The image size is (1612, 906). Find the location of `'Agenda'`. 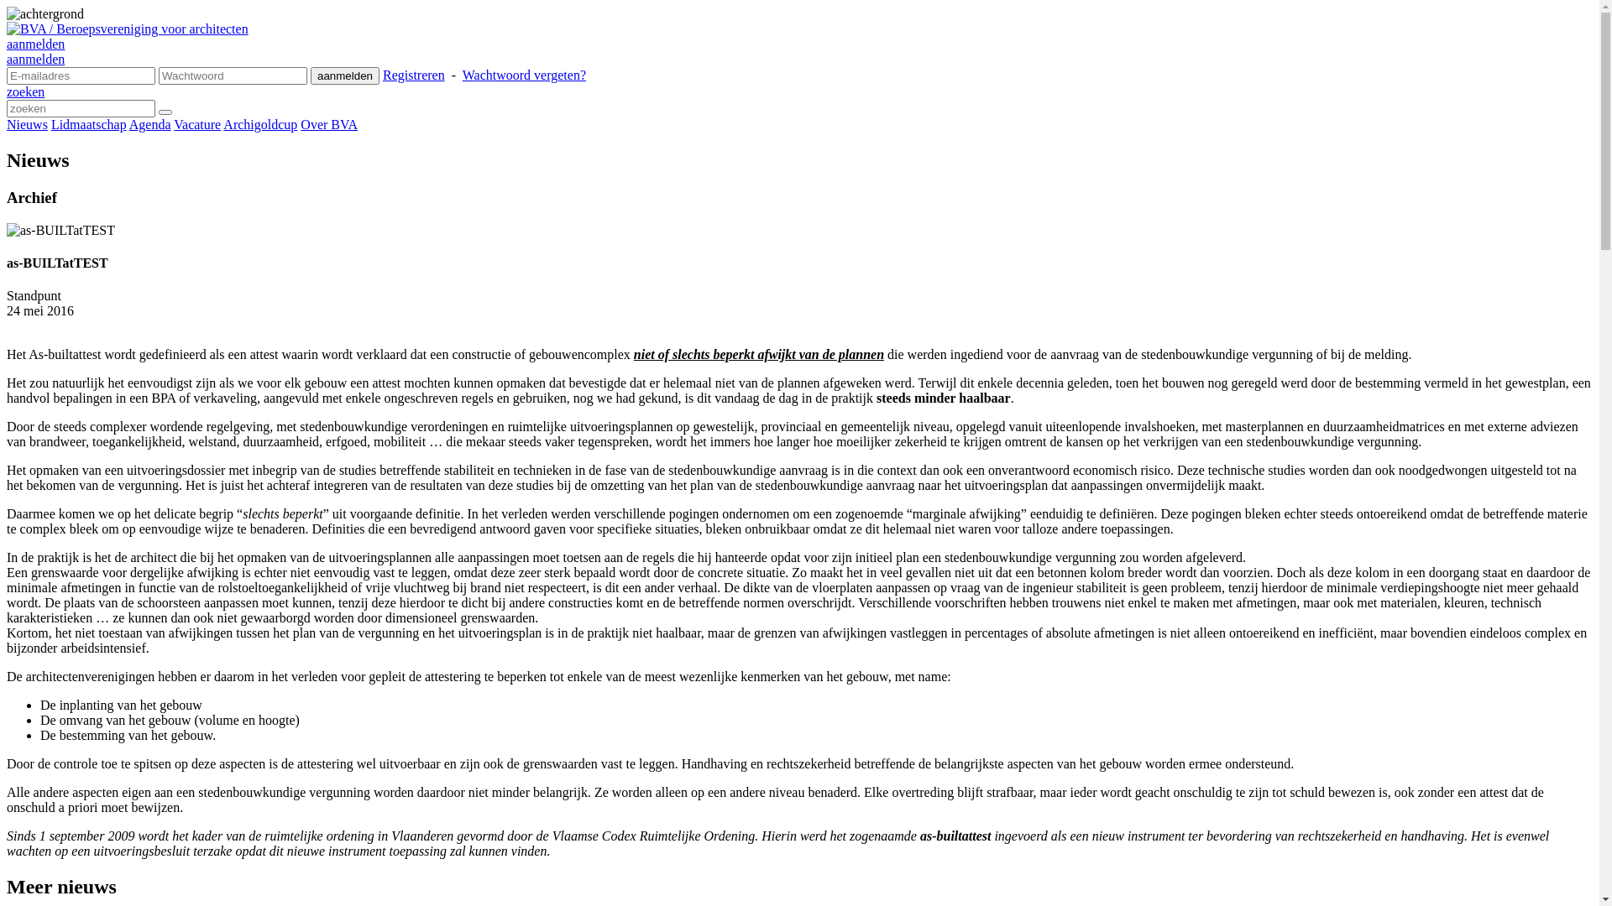

'Agenda' is located at coordinates (149, 123).